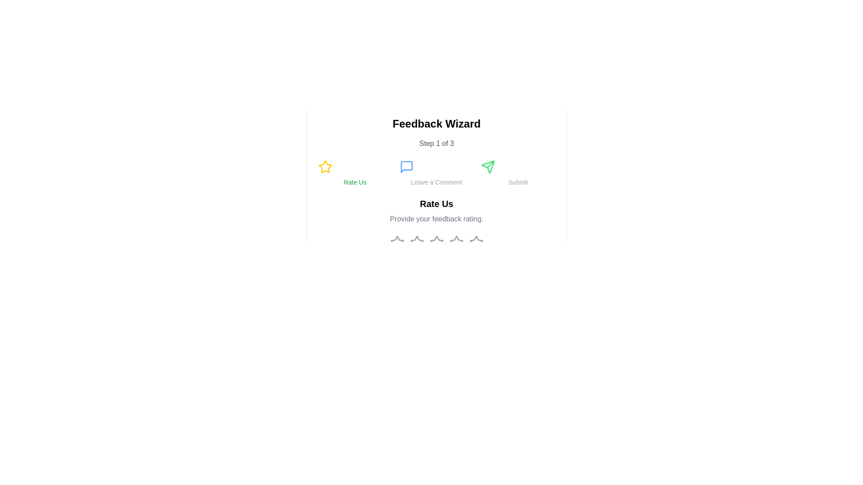 The width and height of the screenshot is (863, 485). I want to click on the fourth star-shaped rating icon, which is part of a horizontally aligned group of rating stars that change color on hover, so click(436, 242).